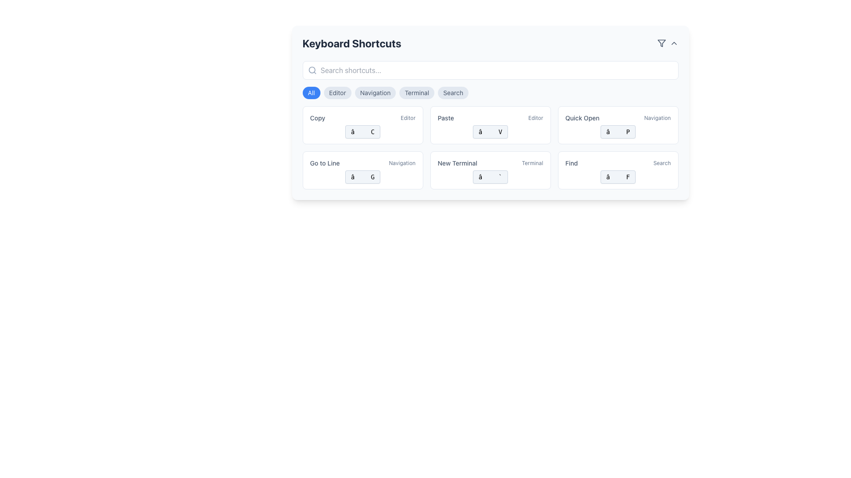 The image size is (851, 478). What do you see at coordinates (617, 125) in the screenshot?
I see `the interactive card with an embedded shortcut button` at bounding box center [617, 125].